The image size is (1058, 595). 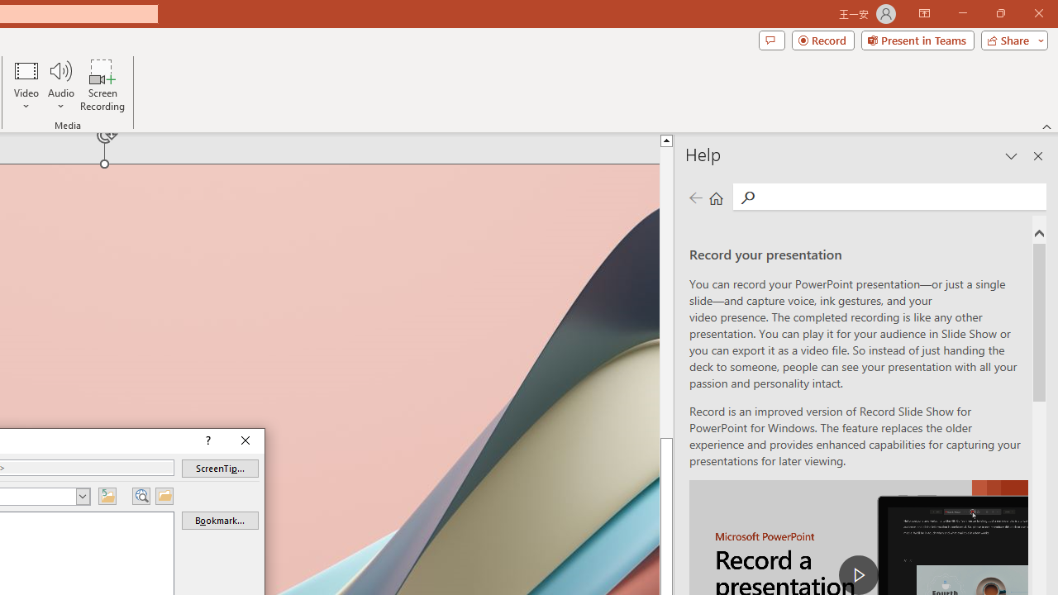 What do you see at coordinates (219, 469) in the screenshot?
I see `'ScreenTip...'` at bounding box center [219, 469].